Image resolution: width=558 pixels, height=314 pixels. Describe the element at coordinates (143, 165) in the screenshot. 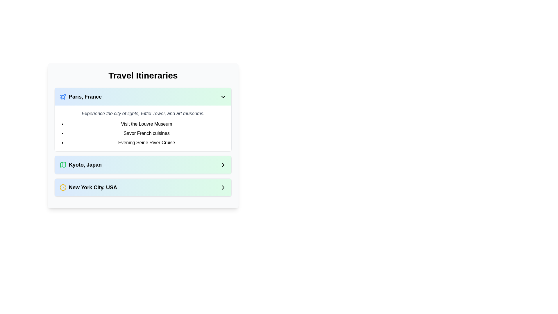

I see `the button for 'Kyoto, Japan', which is the second item in the vertical list of destinations under 'Travel Itineraries', to change its background color` at that location.